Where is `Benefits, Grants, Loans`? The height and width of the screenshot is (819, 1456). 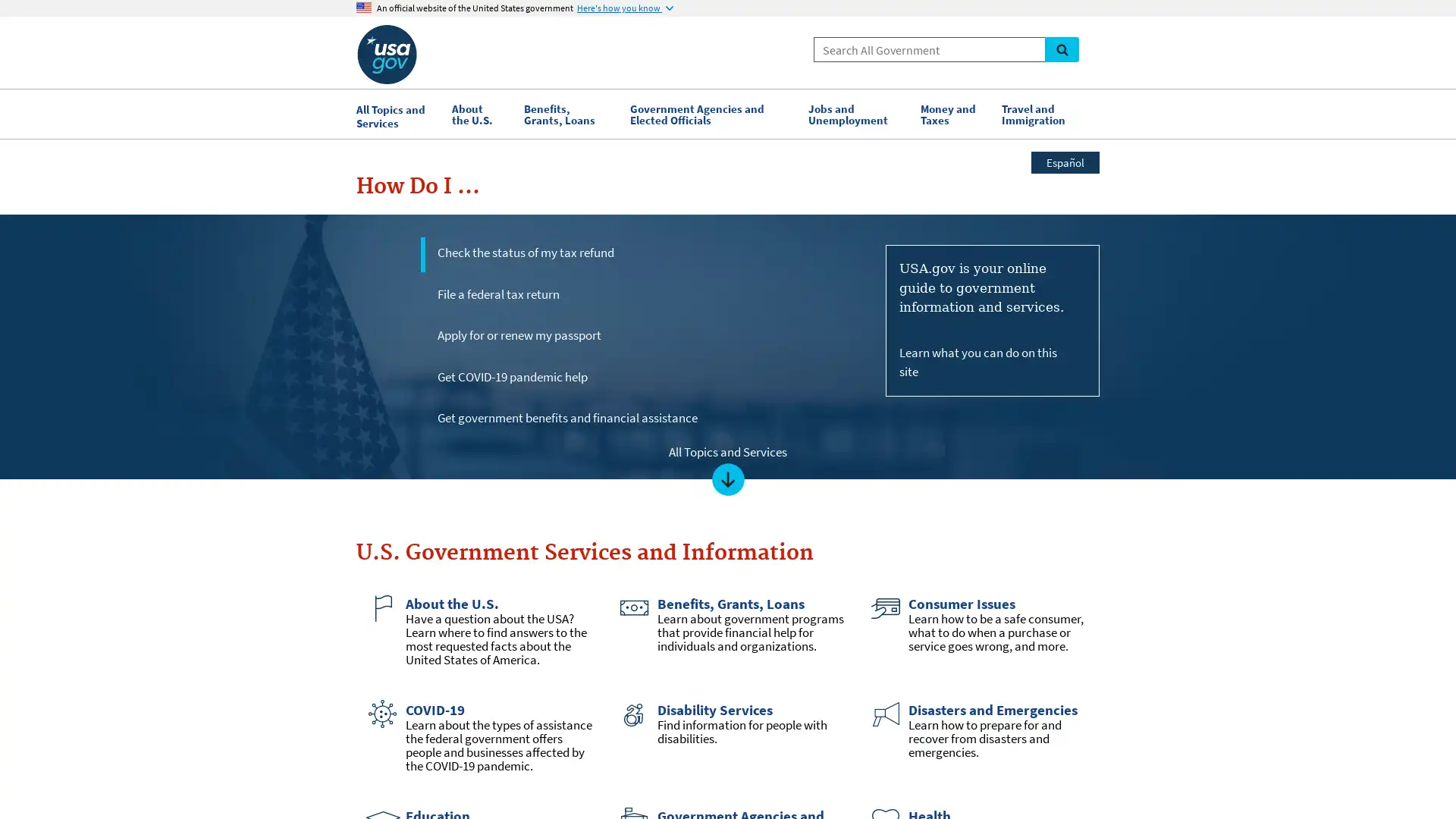 Benefits, Grants, Loans is located at coordinates (568, 113).